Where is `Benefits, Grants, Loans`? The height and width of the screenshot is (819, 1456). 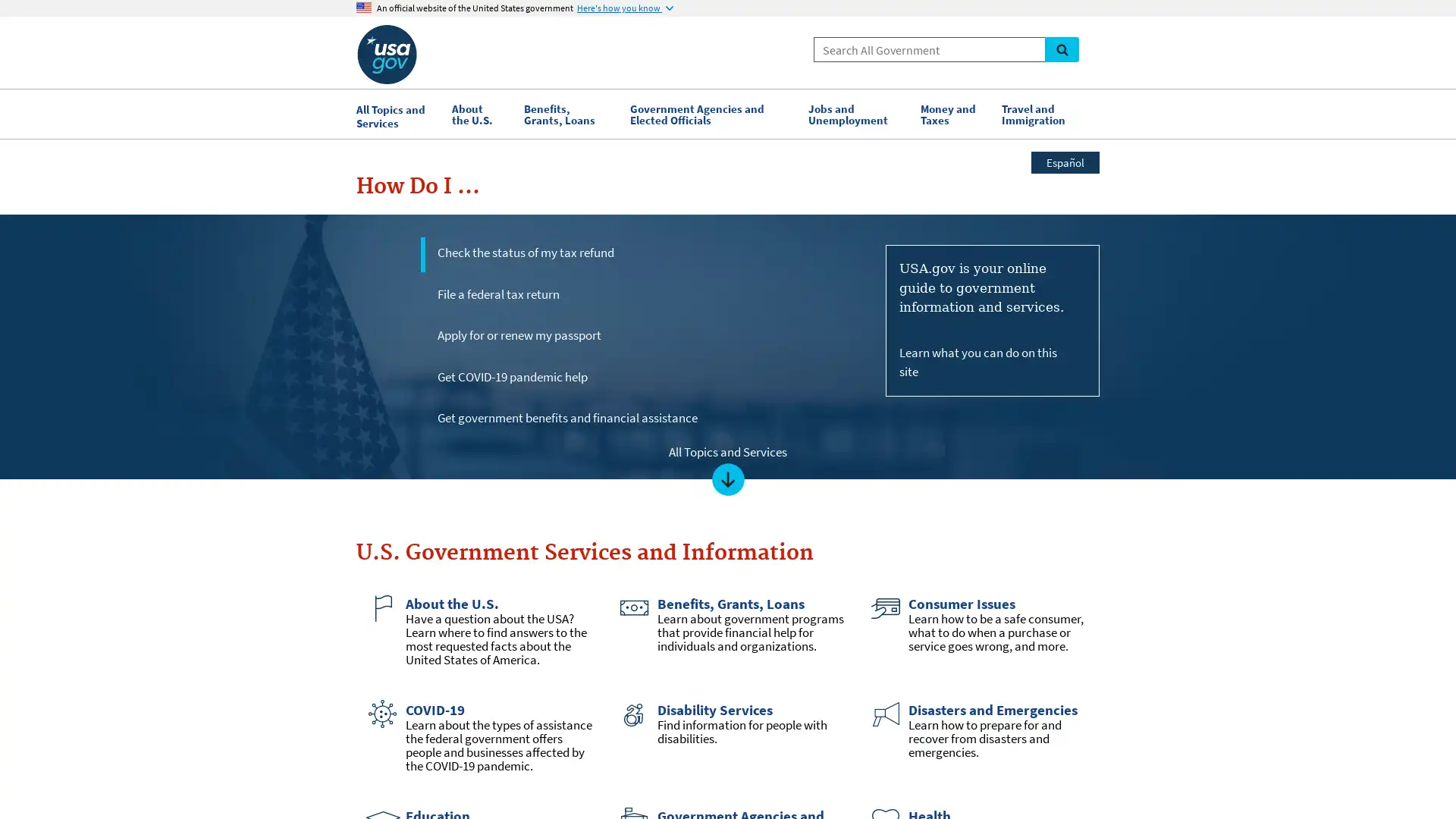 Benefits, Grants, Loans is located at coordinates (568, 113).